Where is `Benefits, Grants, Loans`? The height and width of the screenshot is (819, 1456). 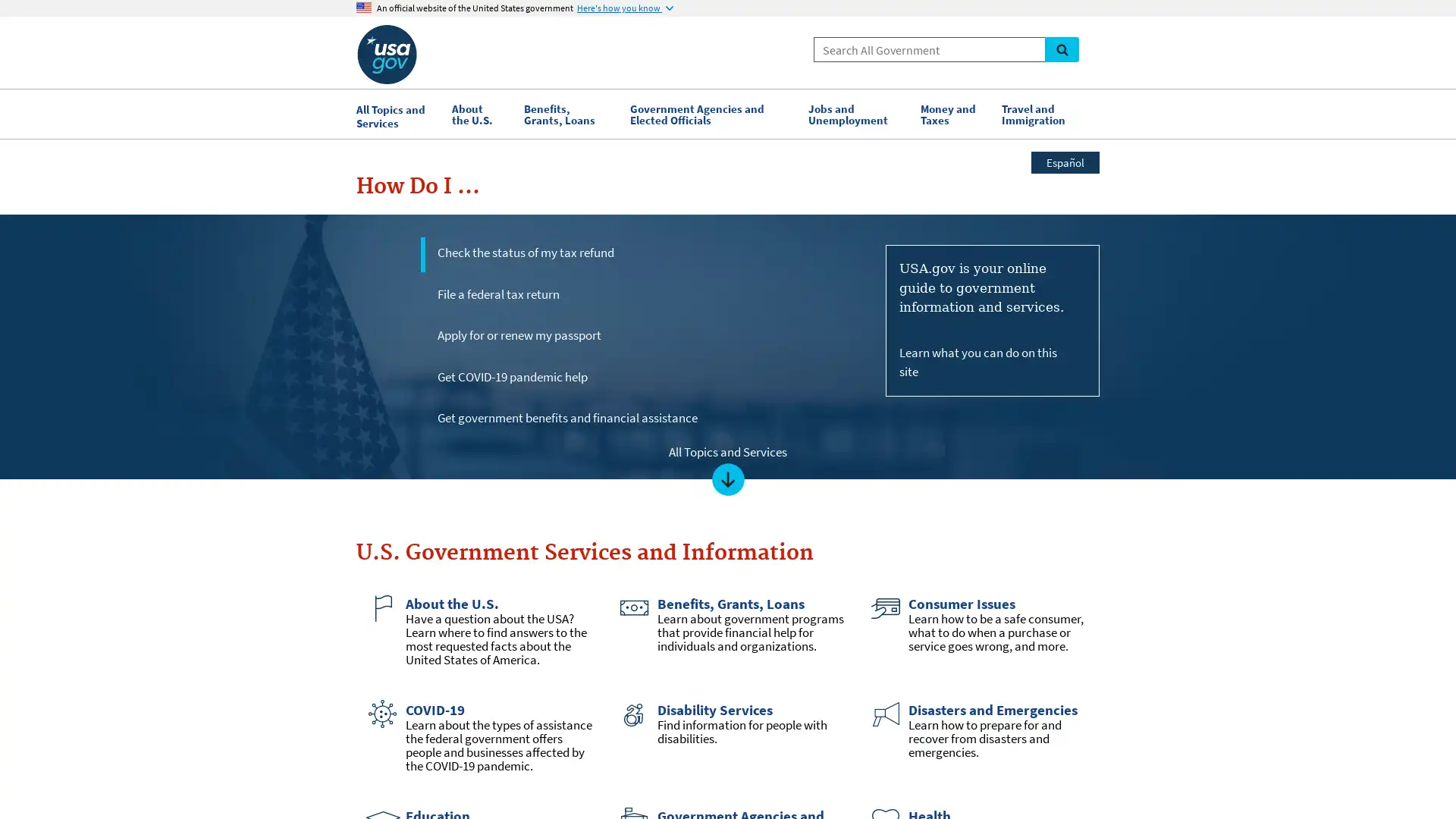 Benefits, Grants, Loans is located at coordinates (568, 113).